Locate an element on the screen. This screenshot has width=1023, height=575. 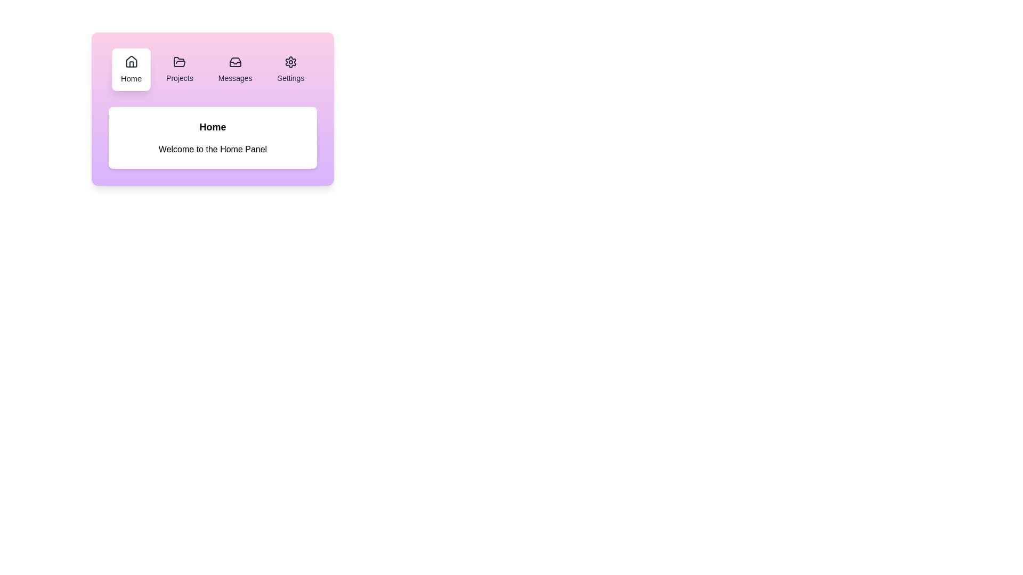
the settings icon, which resembles a gear with interlocking spokes, located in the top-right section of the menu interface labeled 'Settings' is located at coordinates (291, 62).